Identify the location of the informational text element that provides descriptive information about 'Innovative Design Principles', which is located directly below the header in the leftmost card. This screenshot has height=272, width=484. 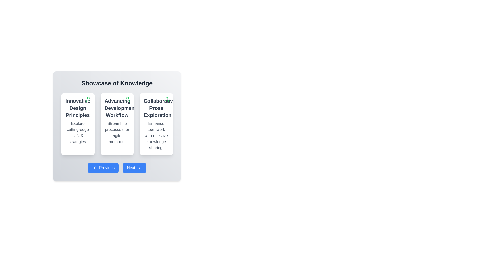
(77, 132).